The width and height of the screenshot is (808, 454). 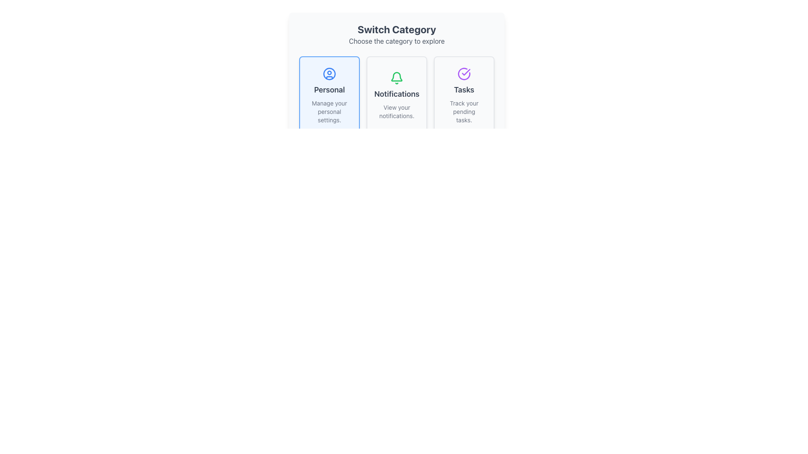 I want to click on the circular purple checkmark icon located in the 'Tasks' card in the 'Switch Category' section, so click(x=464, y=74).